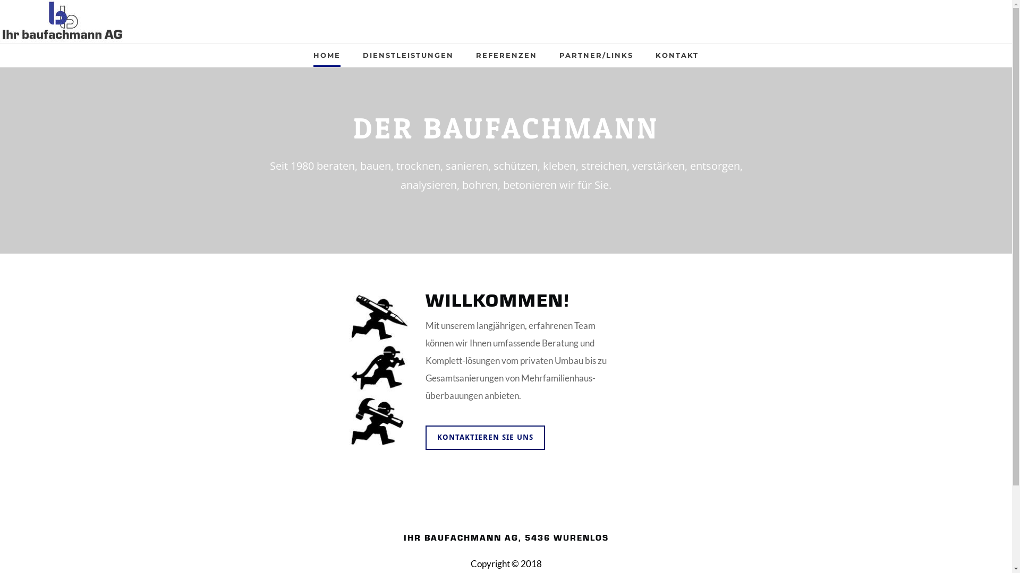 The width and height of the screenshot is (1020, 573). I want to click on 'PARTNER/LINKS', so click(596, 59).